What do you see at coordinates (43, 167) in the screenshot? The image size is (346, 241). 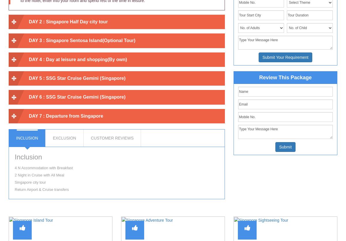 I see `'4 N Accommodation with Breakfast'` at bounding box center [43, 167].